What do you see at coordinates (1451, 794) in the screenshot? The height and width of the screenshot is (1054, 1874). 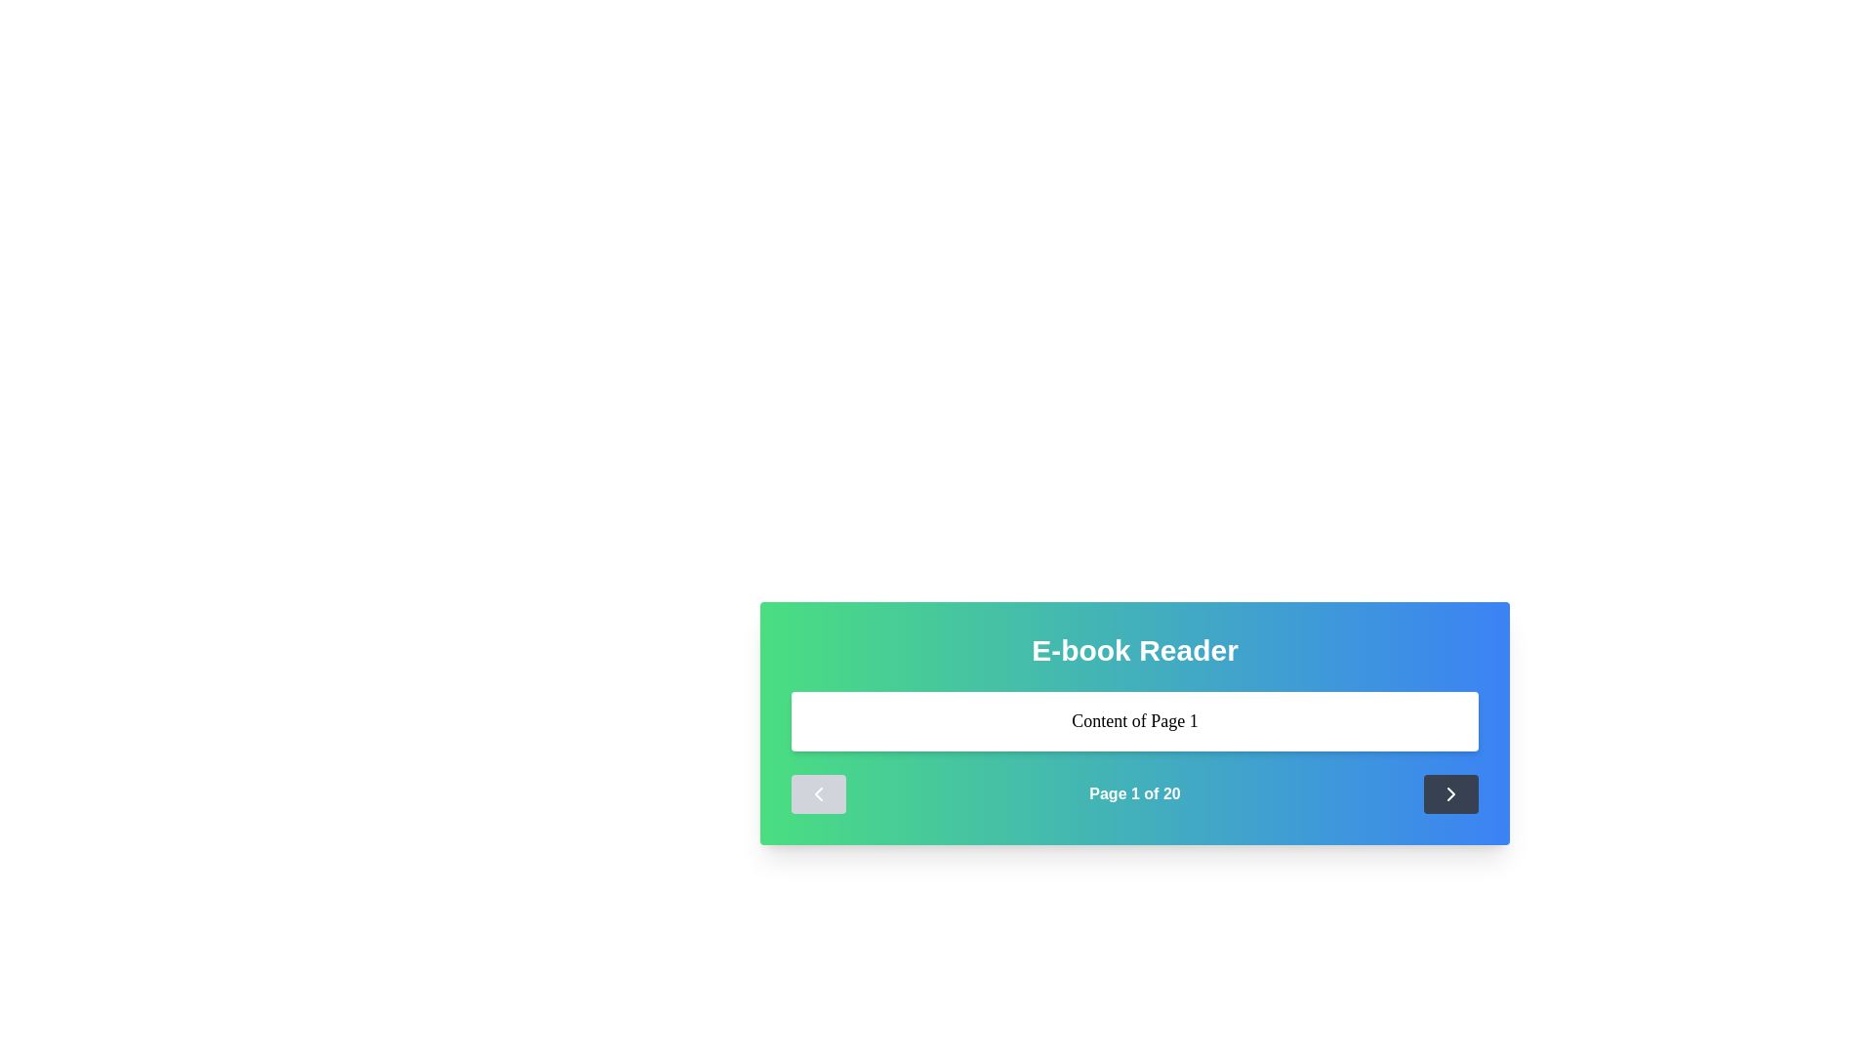 I see `the button that serves as a navigation control for advancing to the next page in the paginated view, located at the bottom-right section of the interface` at bounding box center [1451, 794].